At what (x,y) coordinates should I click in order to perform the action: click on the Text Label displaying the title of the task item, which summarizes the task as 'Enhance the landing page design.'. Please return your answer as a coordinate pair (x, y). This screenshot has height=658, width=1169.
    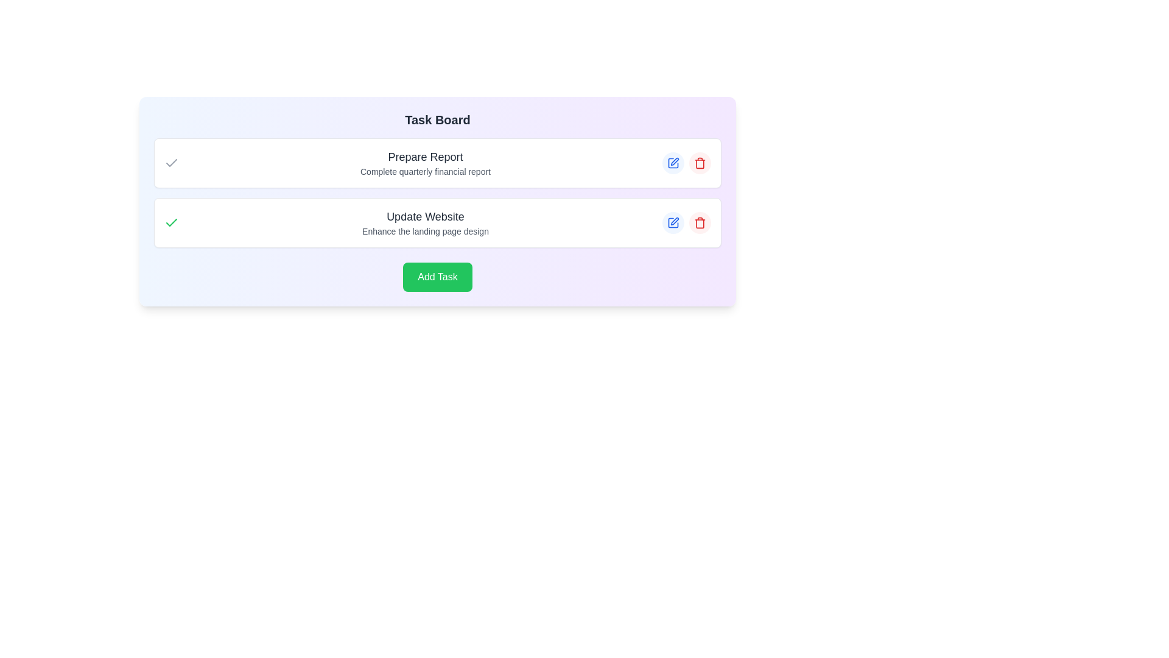
    Looking at the image, I should click on (426, 216).